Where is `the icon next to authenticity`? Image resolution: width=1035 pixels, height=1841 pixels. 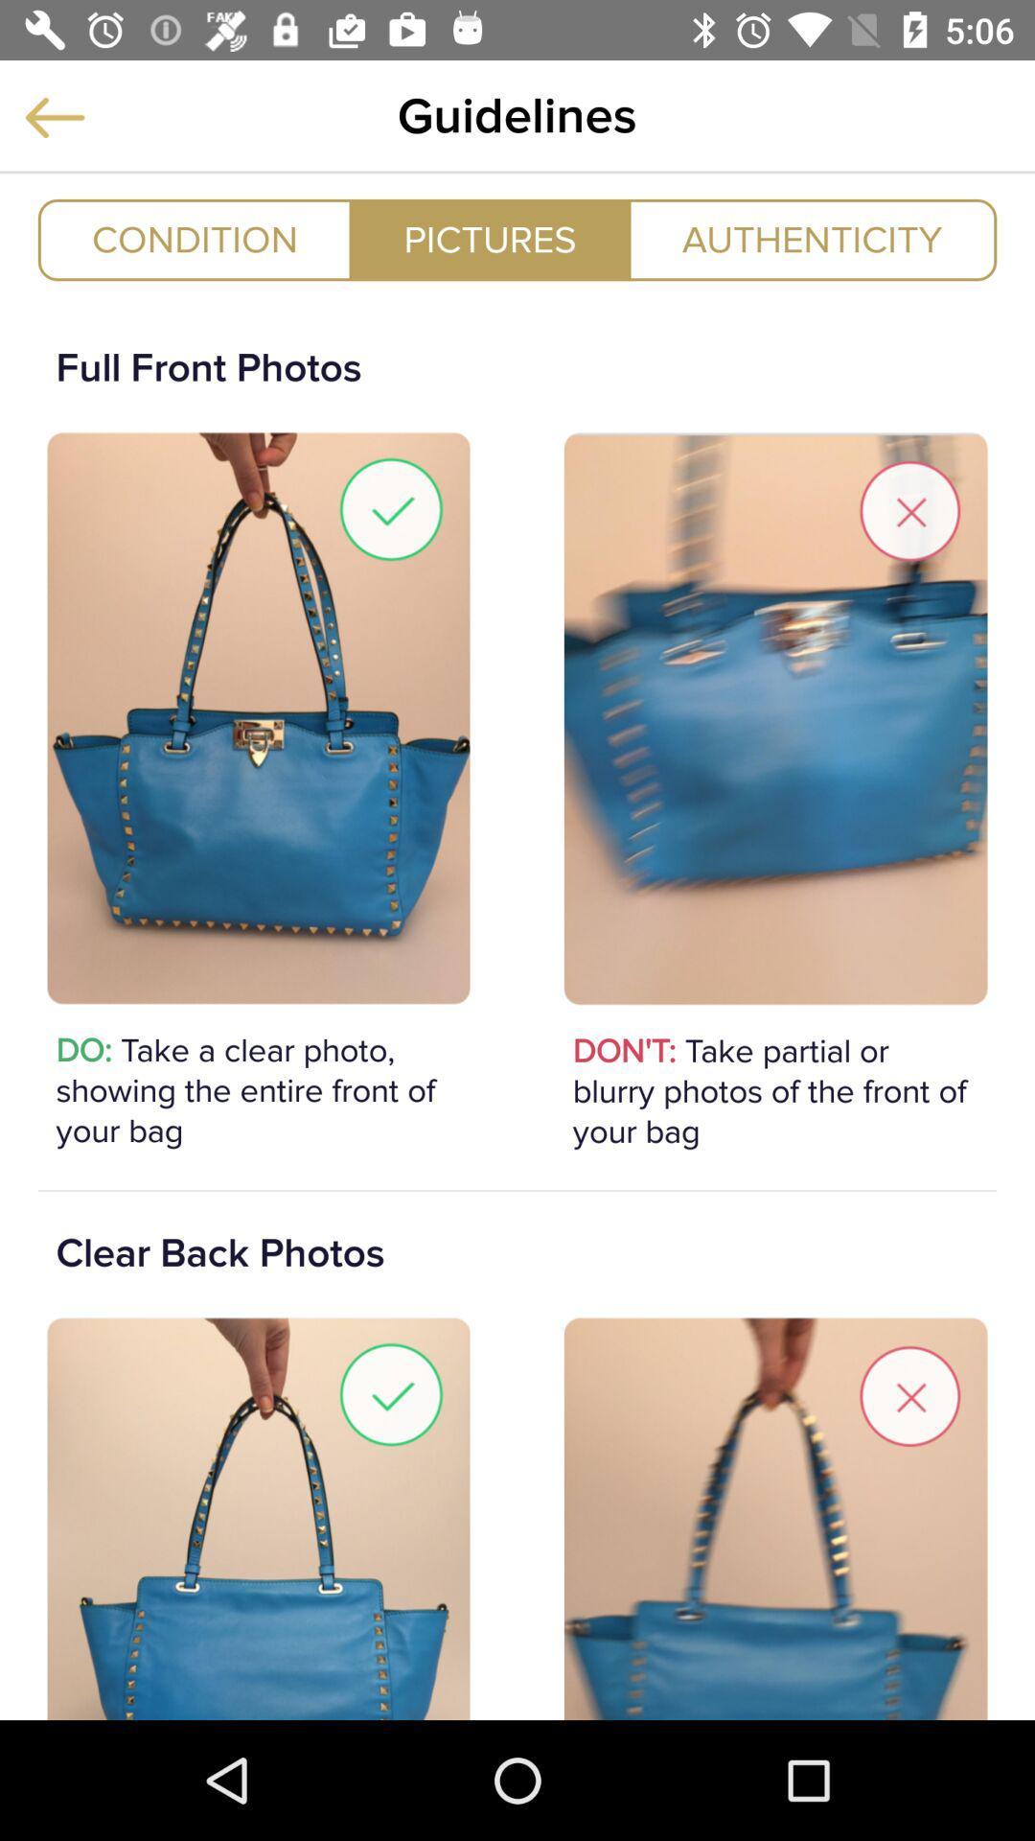 the icon next to authenticity is located at coordinates (489, 239).